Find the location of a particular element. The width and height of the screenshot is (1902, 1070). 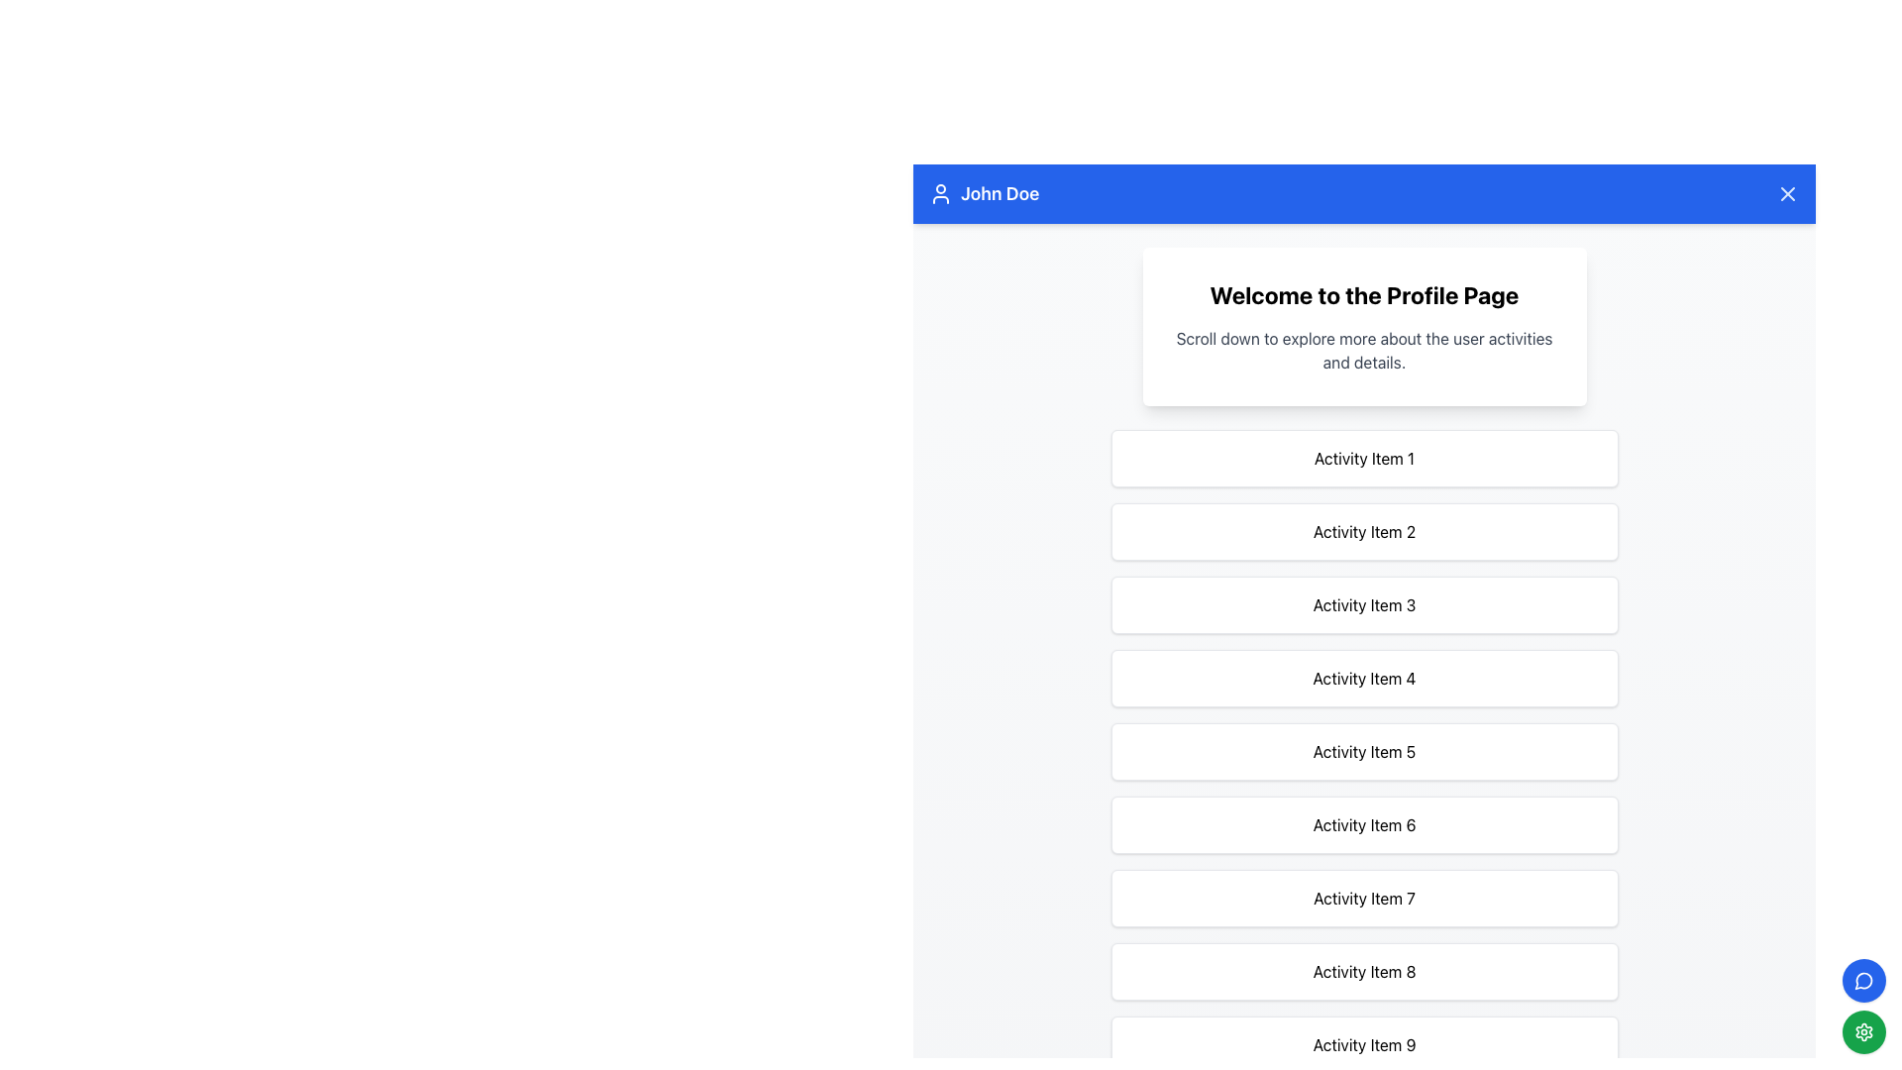

the eighth activity item labeled 'Activity Item 8' is located at coordinates (1363, 970).